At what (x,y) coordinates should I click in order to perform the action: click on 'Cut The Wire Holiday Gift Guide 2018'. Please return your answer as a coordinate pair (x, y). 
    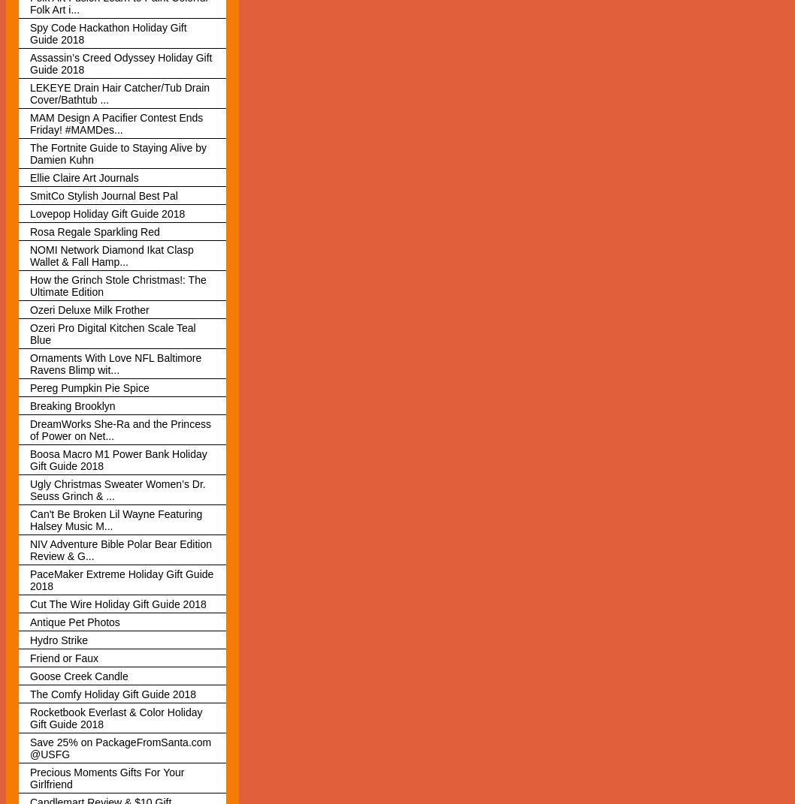
    Looking at the image, I should click on (117, 602).